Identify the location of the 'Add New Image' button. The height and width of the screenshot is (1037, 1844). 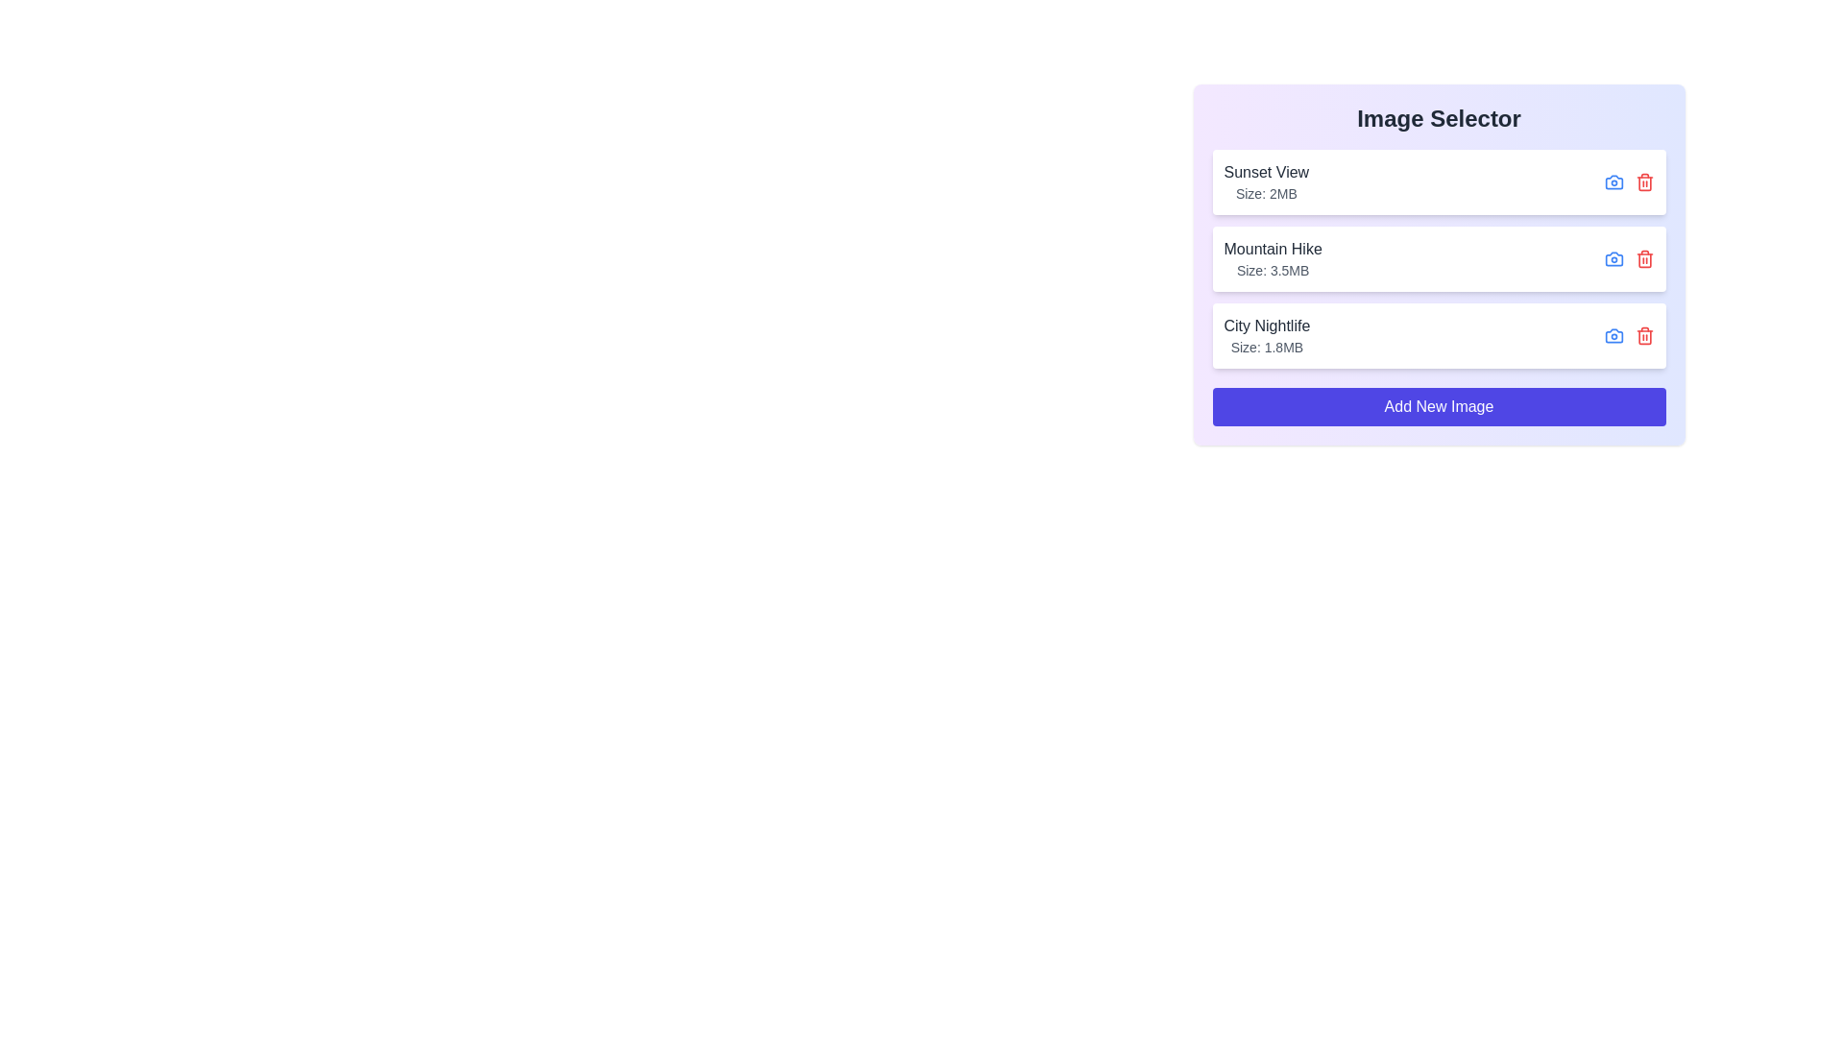
(1439, 406).